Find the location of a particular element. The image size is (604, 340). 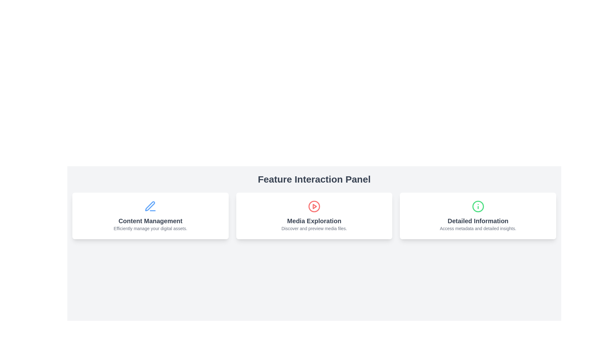

the blue pen icon that represents the 'Content Management' feature, located at the top center of the card above the title 'Content Management' is located at coordinates (150, 206).